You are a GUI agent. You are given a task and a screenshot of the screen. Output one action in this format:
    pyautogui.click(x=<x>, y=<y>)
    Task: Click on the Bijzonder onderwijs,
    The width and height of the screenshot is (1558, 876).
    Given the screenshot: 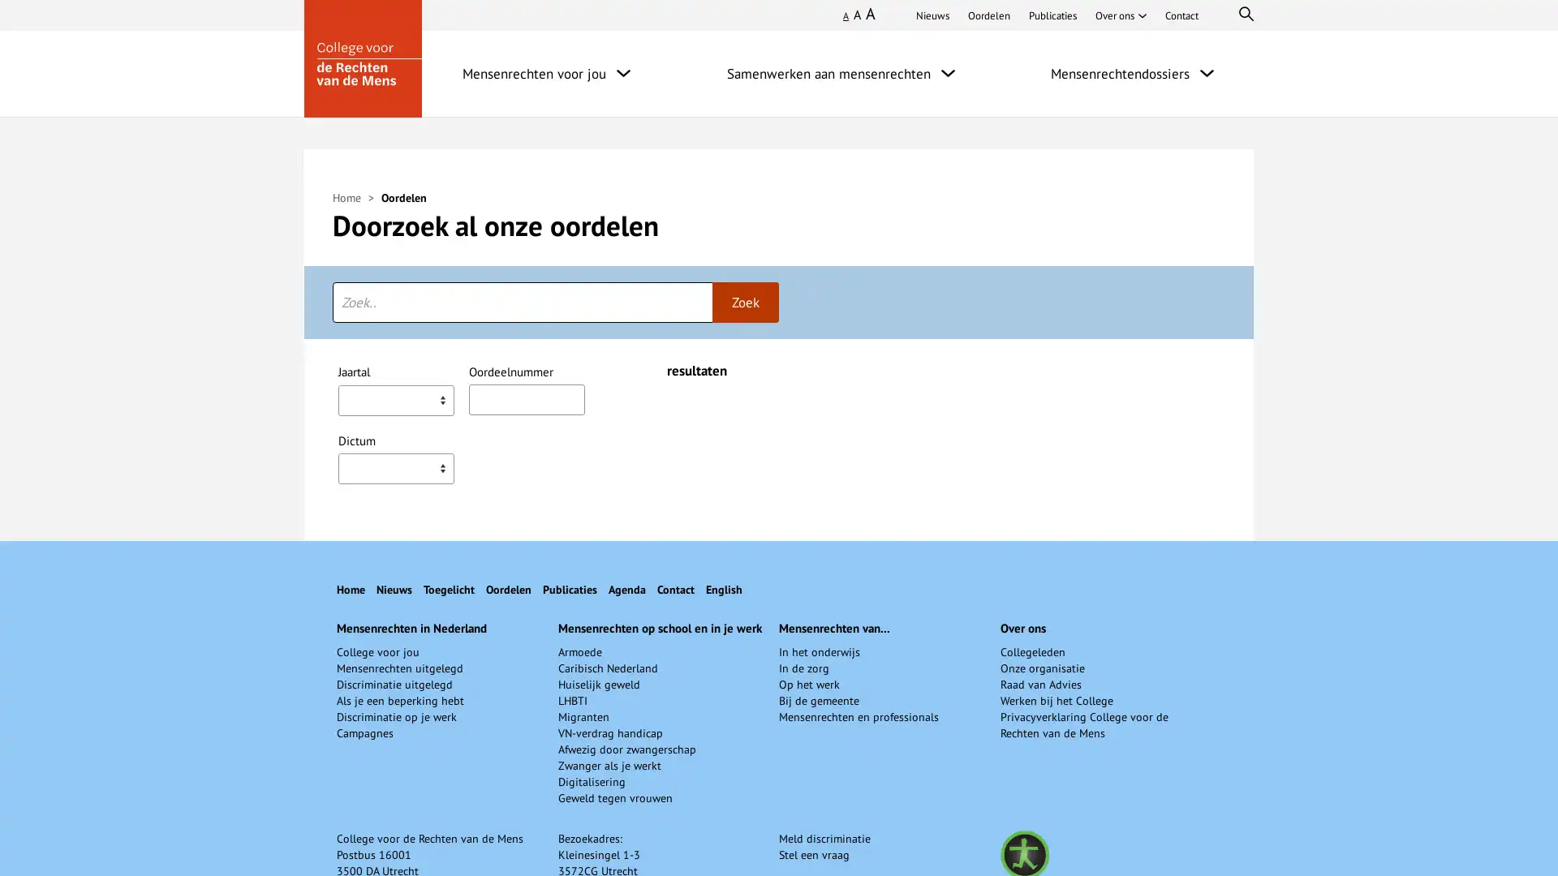 What is the action you would take?
    pyautogui.click(x=720, y=832)
    